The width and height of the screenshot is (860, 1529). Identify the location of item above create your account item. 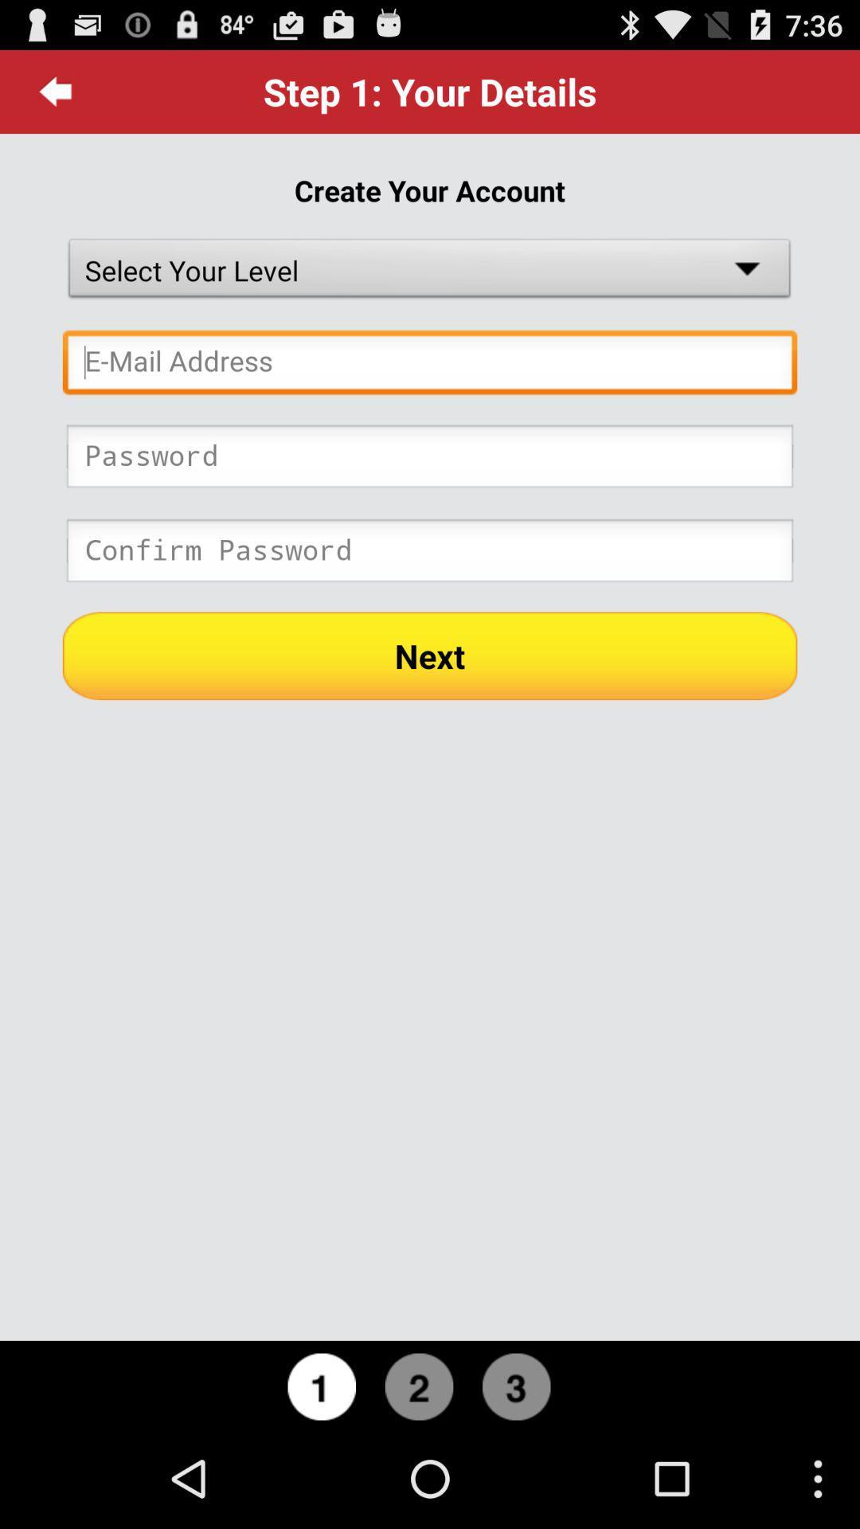
(55, 91).